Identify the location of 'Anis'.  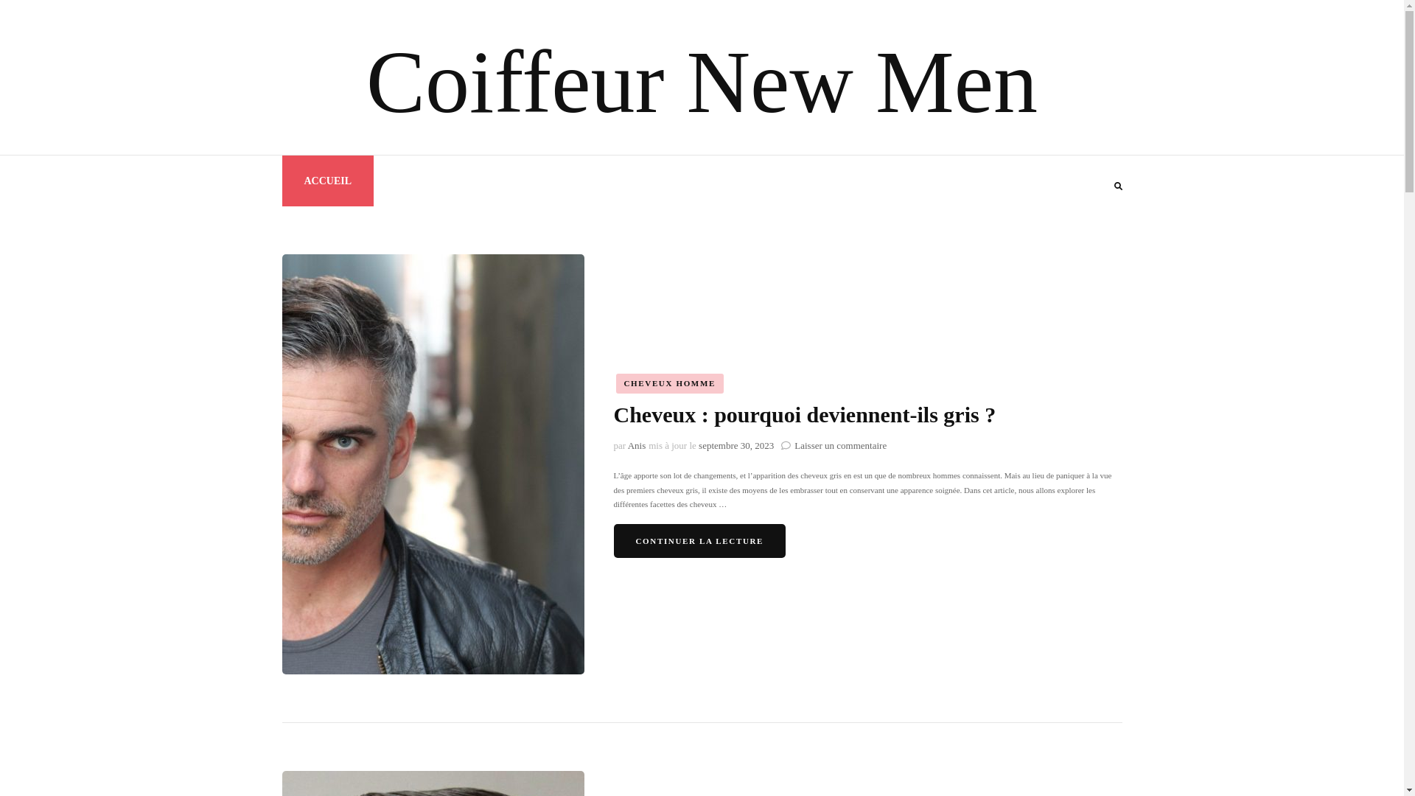
(627, 444).